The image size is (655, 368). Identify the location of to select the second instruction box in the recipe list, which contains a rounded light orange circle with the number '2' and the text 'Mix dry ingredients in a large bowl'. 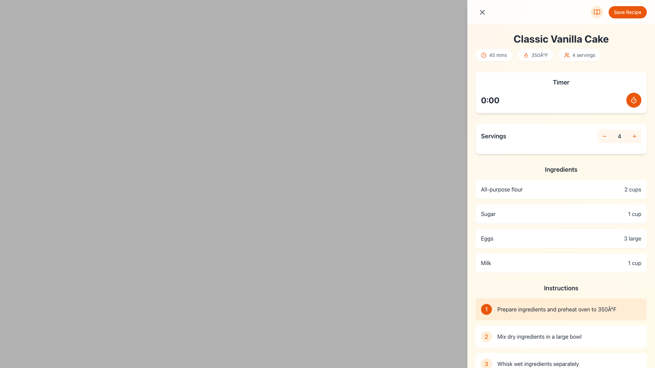
(561, 336).